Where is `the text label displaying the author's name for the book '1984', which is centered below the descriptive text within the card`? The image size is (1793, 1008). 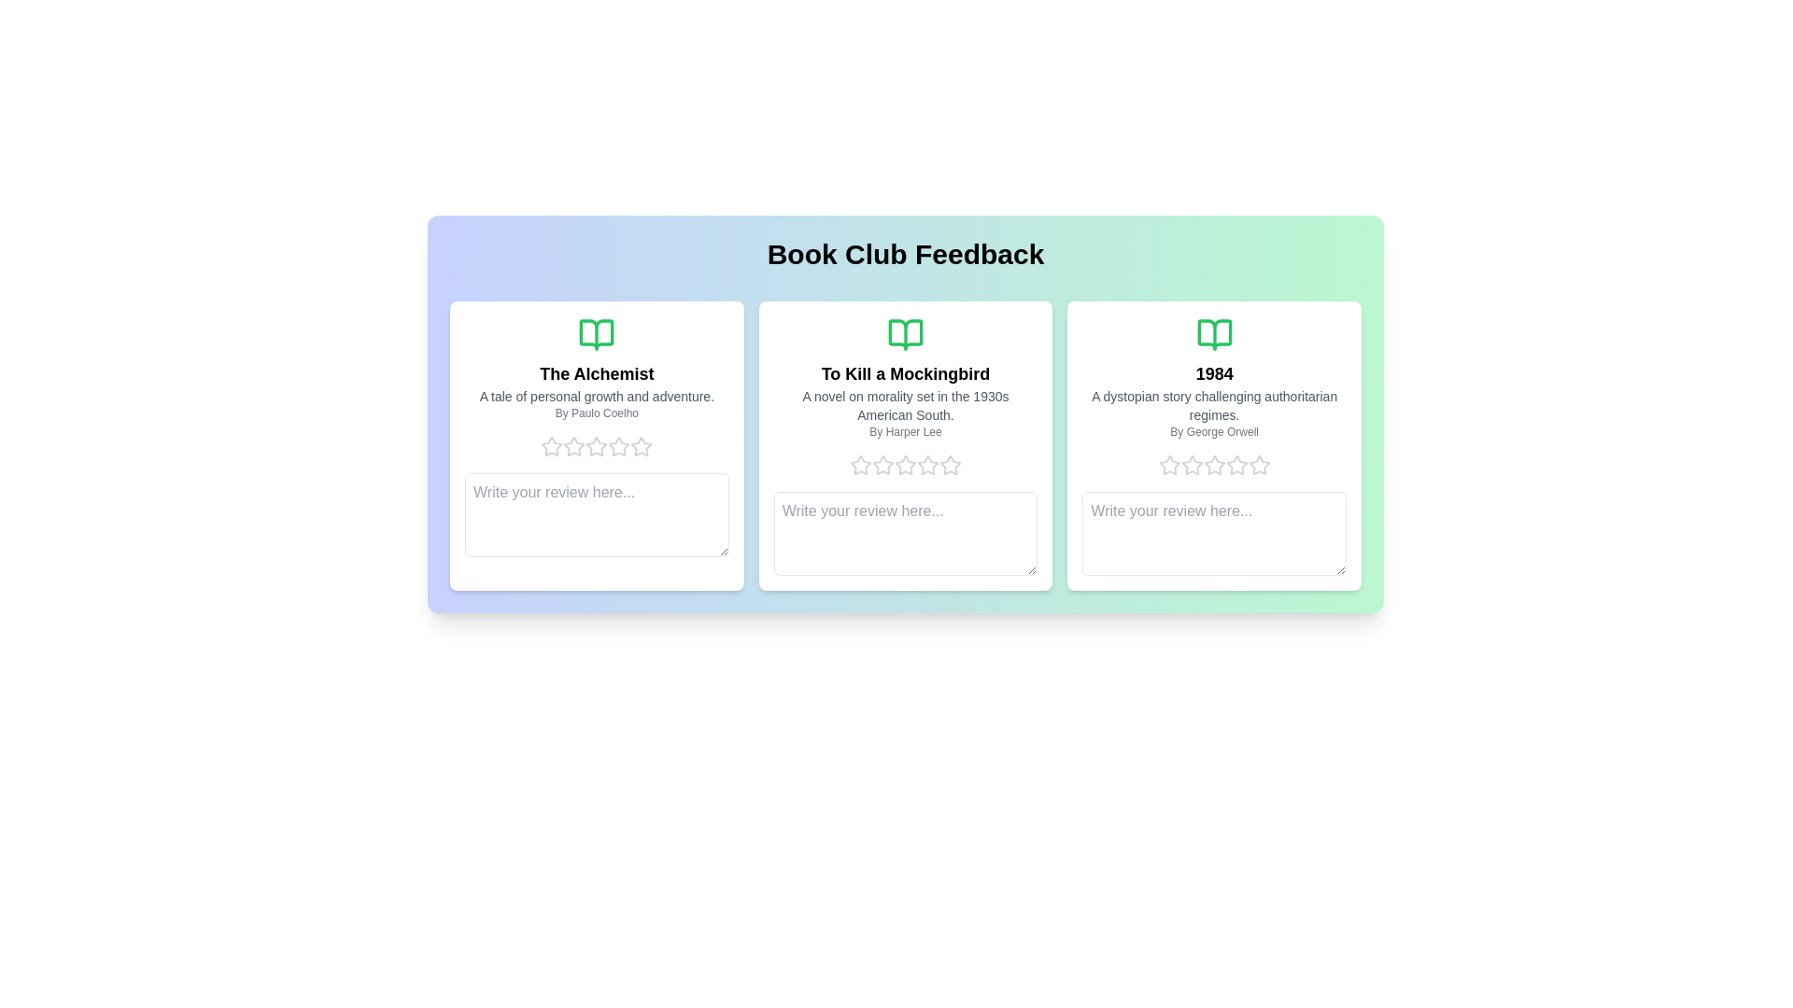
the text label displaying the author's name for the book '1984', which is centered below the descriptive text within the card is located at coordinates (1214, 431).